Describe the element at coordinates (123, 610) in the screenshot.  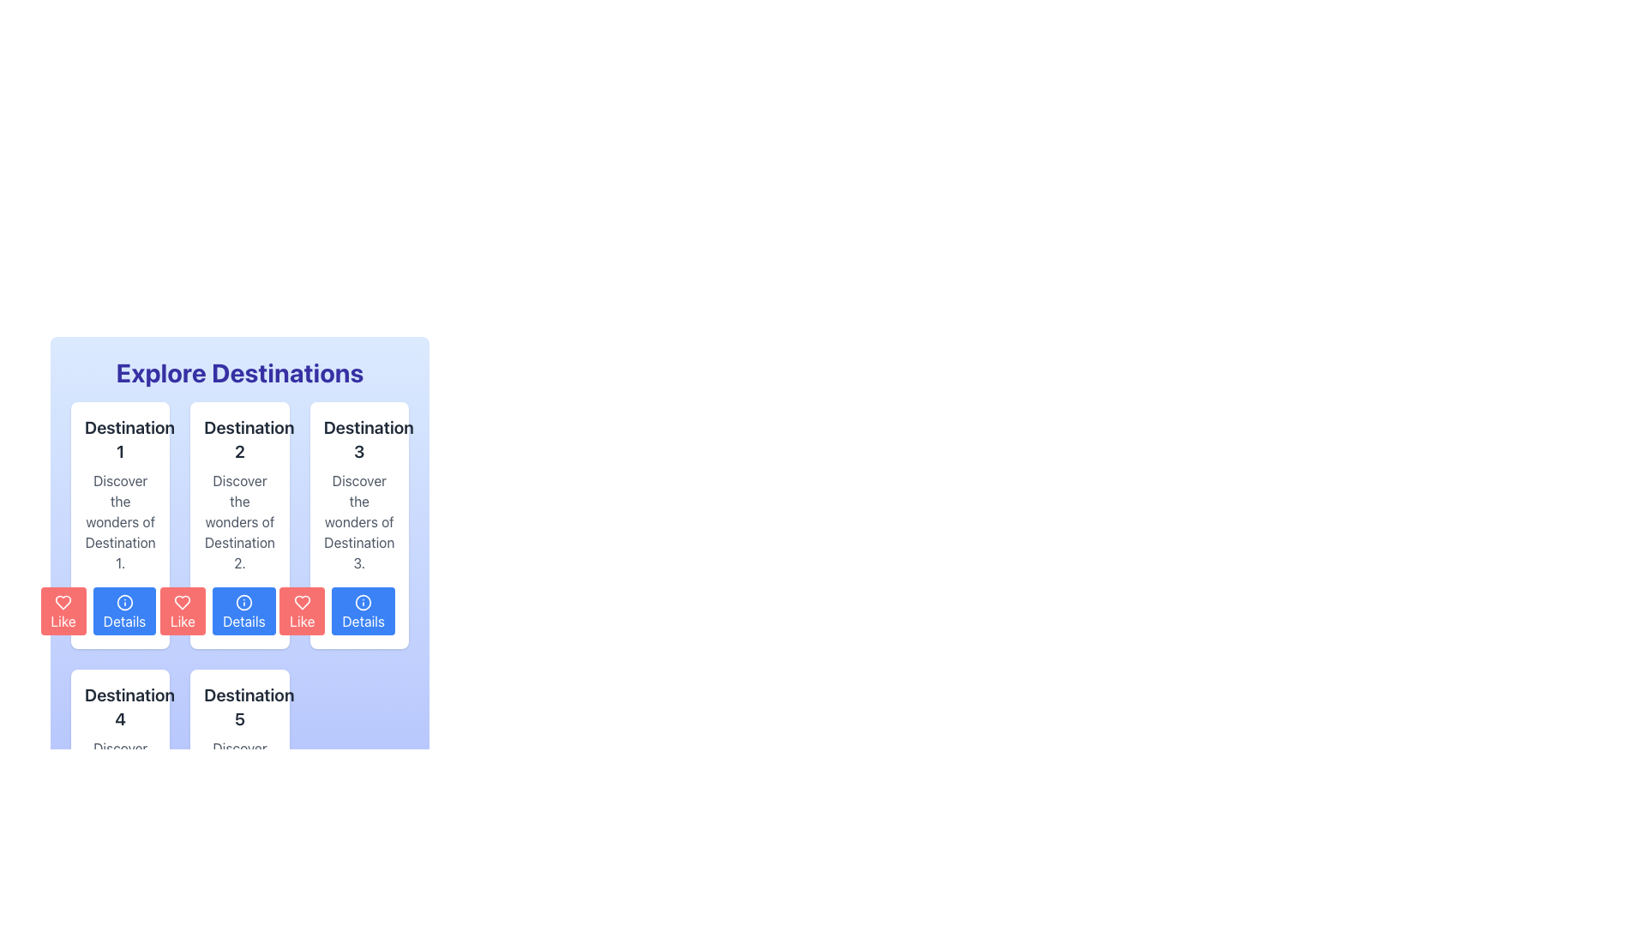
I see `the blue 'Details' button with rounded corners associated with 'Destination 2'` at that location.